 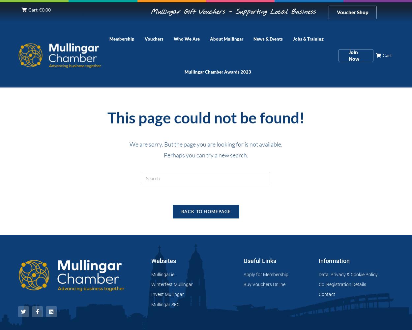 I want to click on 'Who We Are', so click(x=174, y=39).